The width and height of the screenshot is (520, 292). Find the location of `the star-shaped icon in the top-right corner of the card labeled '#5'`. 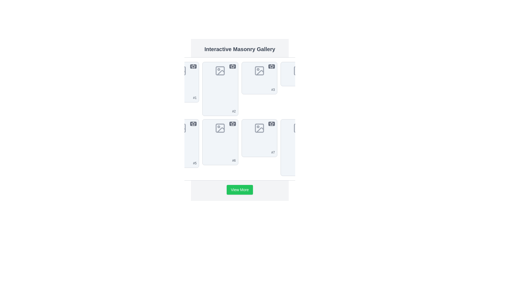

the star-shaped icon in the top-right corner of the card labeled '#5' is located at coordinates (193, 124).